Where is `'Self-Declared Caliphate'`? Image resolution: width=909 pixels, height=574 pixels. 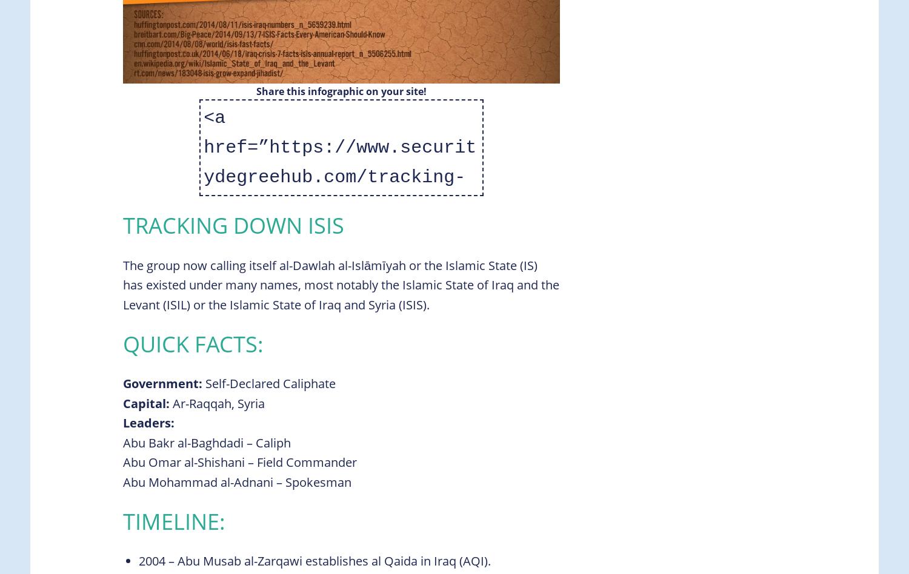
'Self-Declared Caliphate' is located at coordinates (268, 383).